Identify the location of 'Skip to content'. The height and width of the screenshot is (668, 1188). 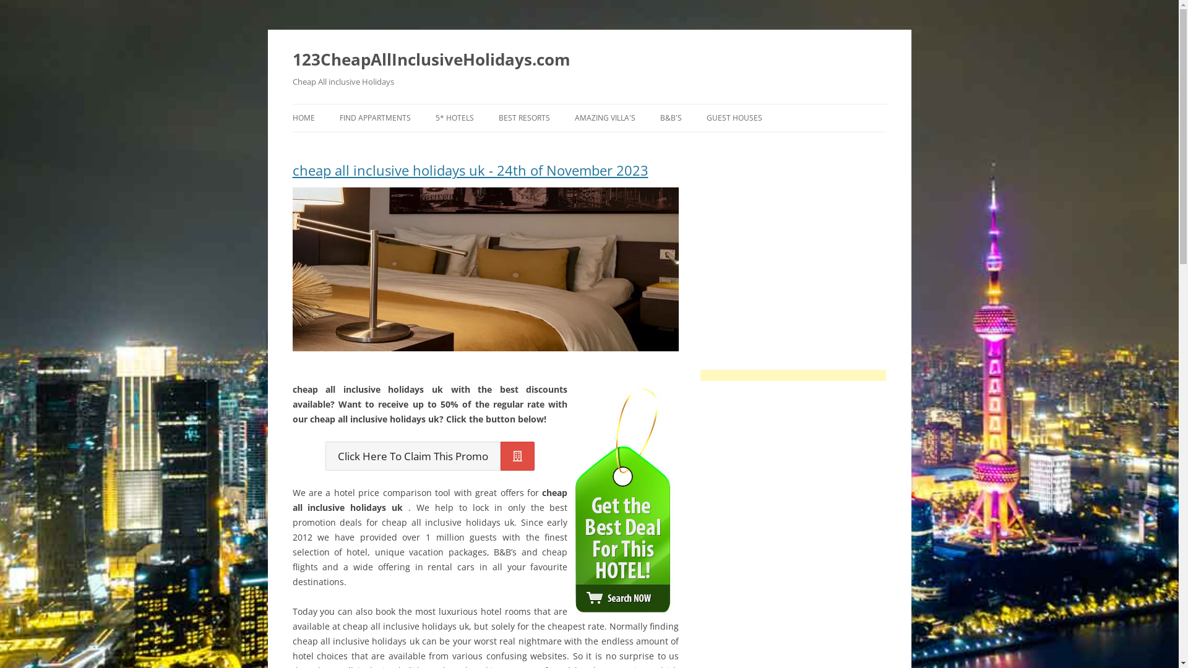
(588, 103).